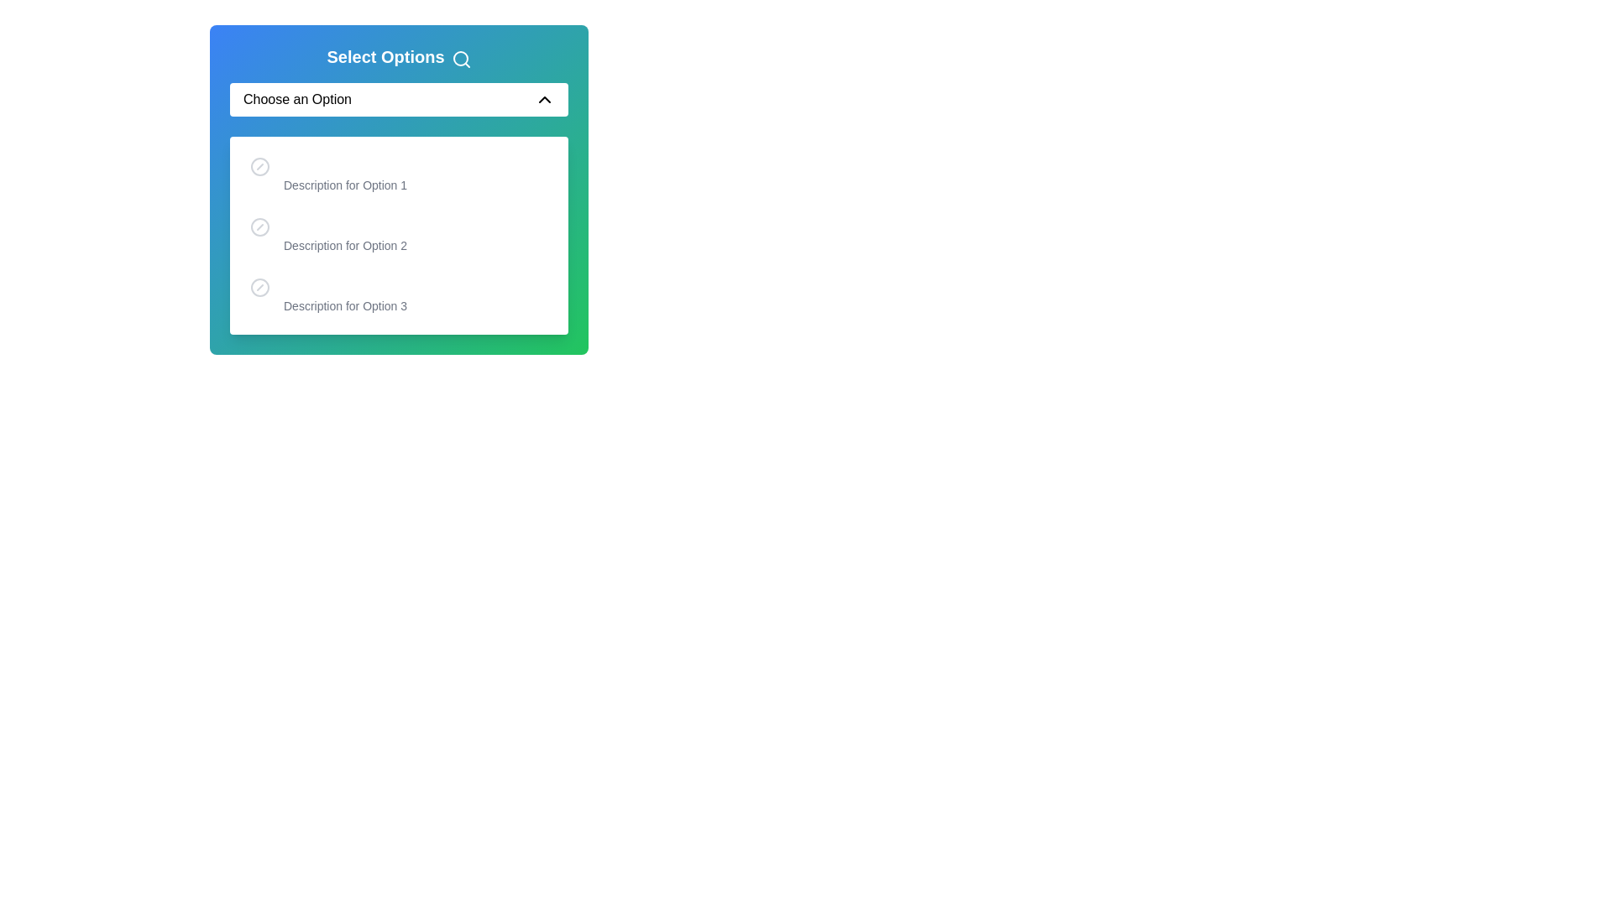  What do you see at coordinates (344, 294) in the screenshot?
I see `the dropdown menu option labeled 'Option 3'` at bounding box center [344, 294].